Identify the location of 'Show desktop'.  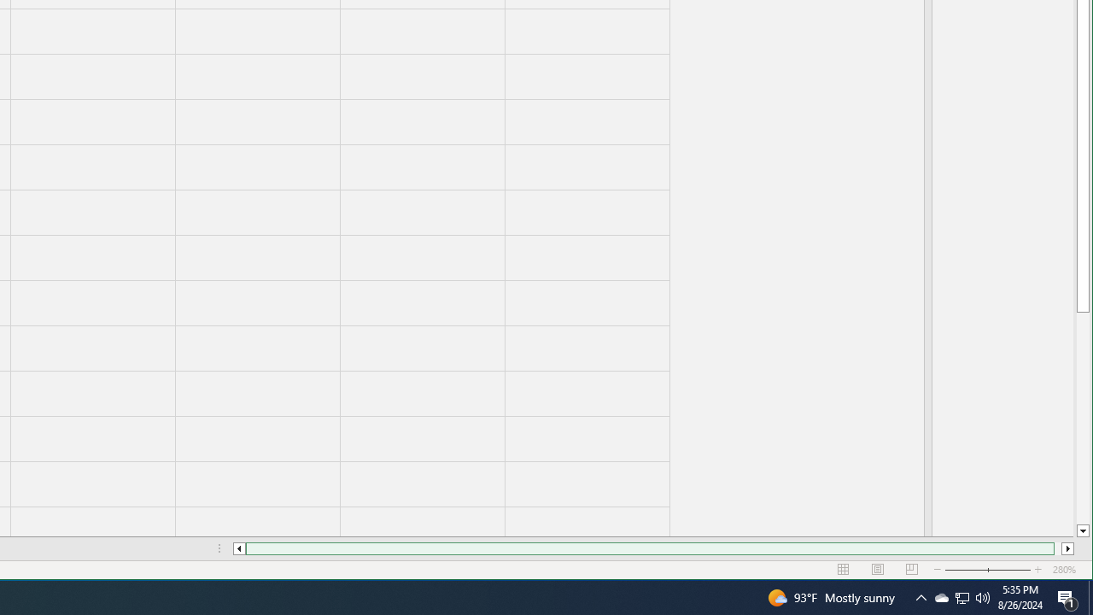
(1090, 596).